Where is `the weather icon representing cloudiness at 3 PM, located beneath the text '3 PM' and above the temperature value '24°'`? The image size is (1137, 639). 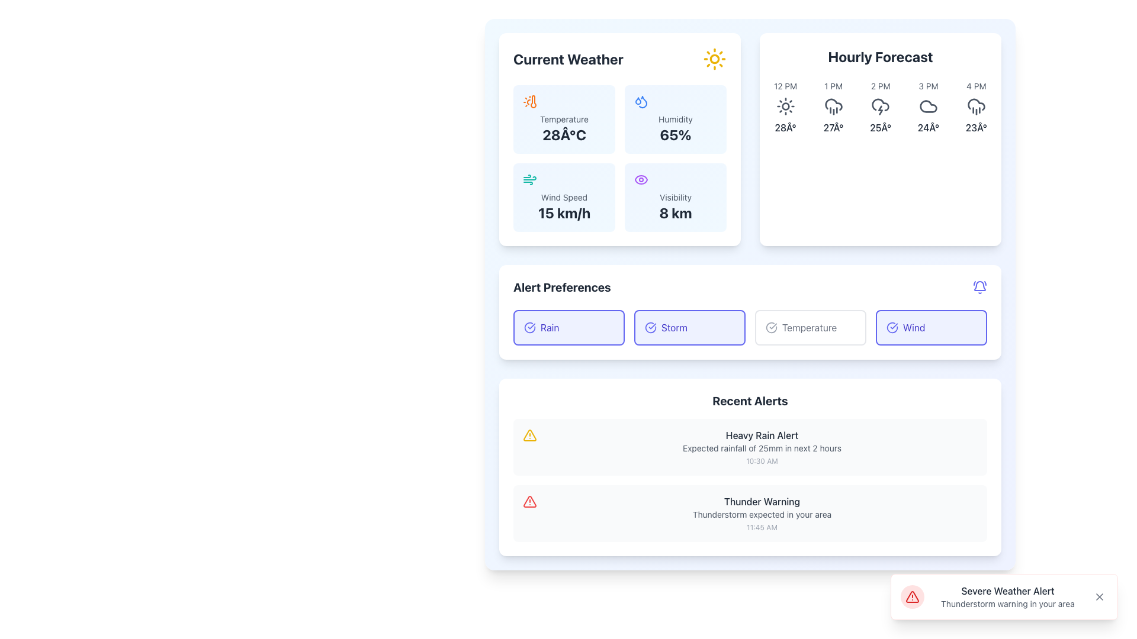 the weather icon representing cloudiness at 3 PM, located beneath the text '3 PM' and above the temperature value '24°' is located at coordinates (928, 106).